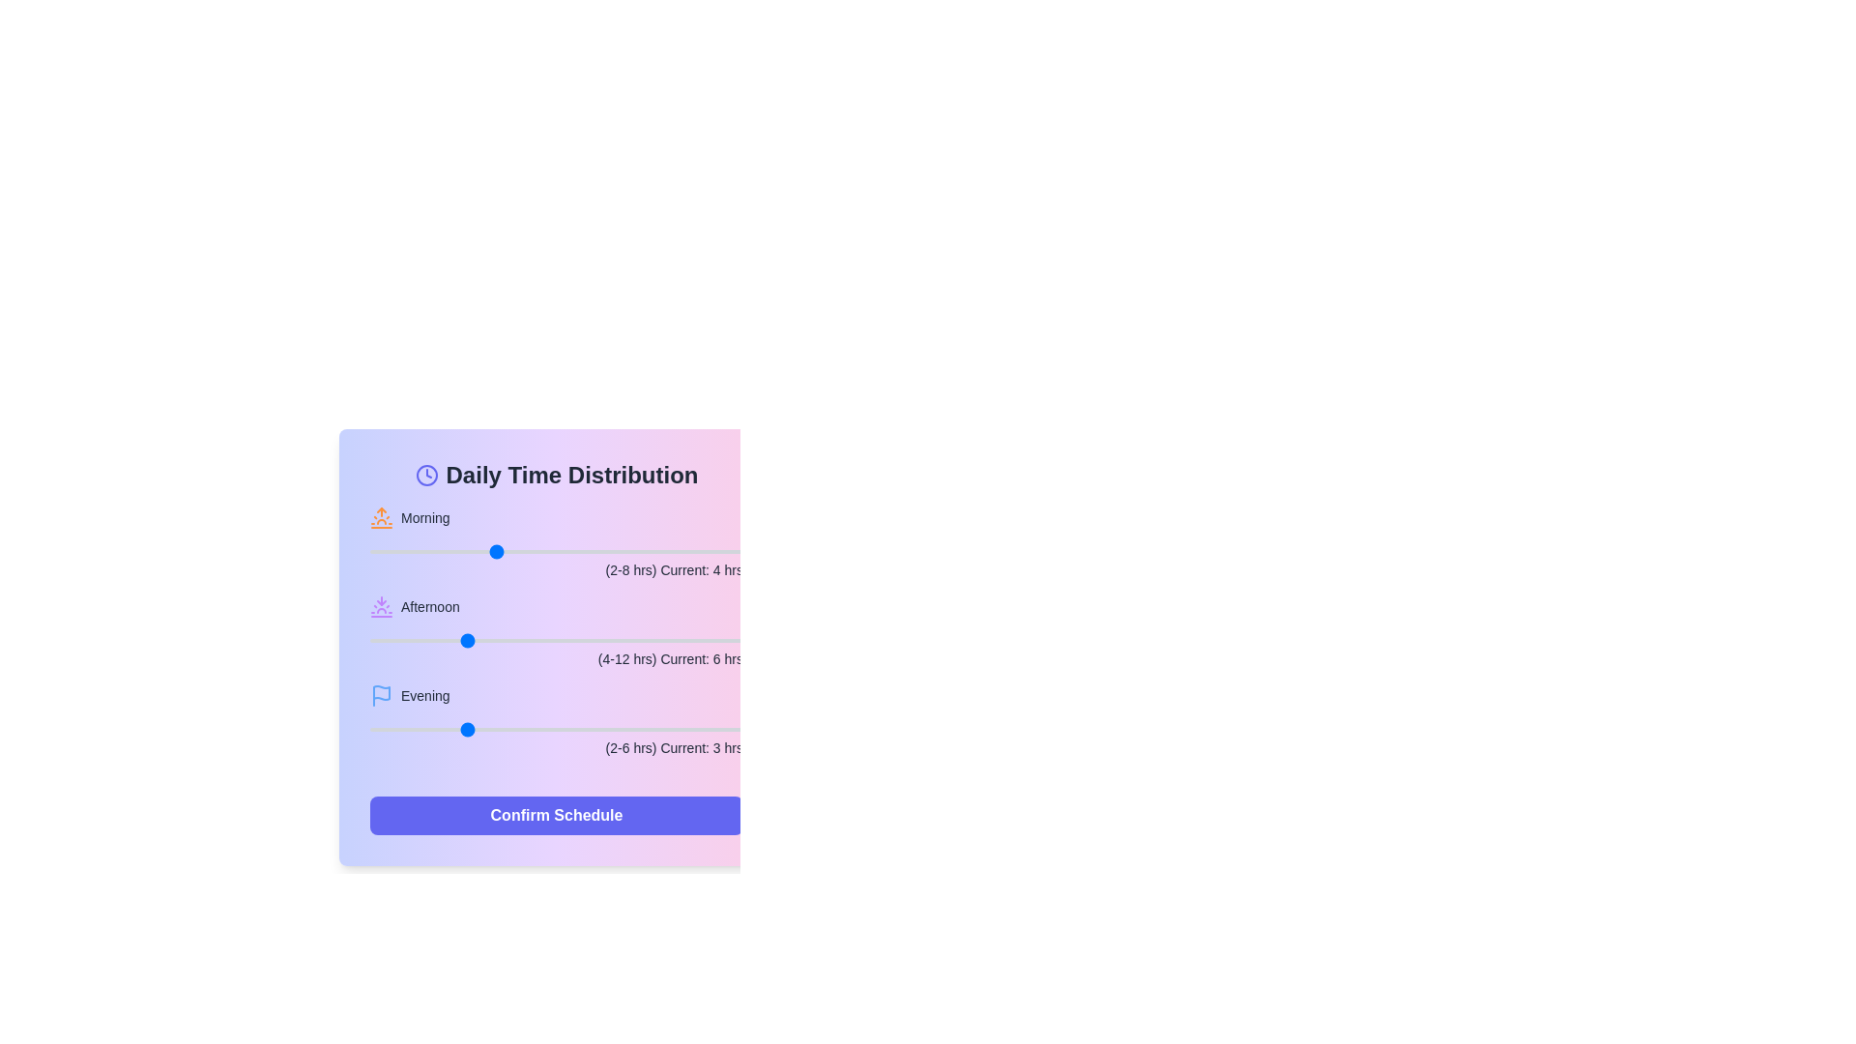 The image size is (1856, 1044). What do you see at coordinates (681, 551) in the screenshot?
I see `the slider for morning hours` at bounding box center [681, 551].